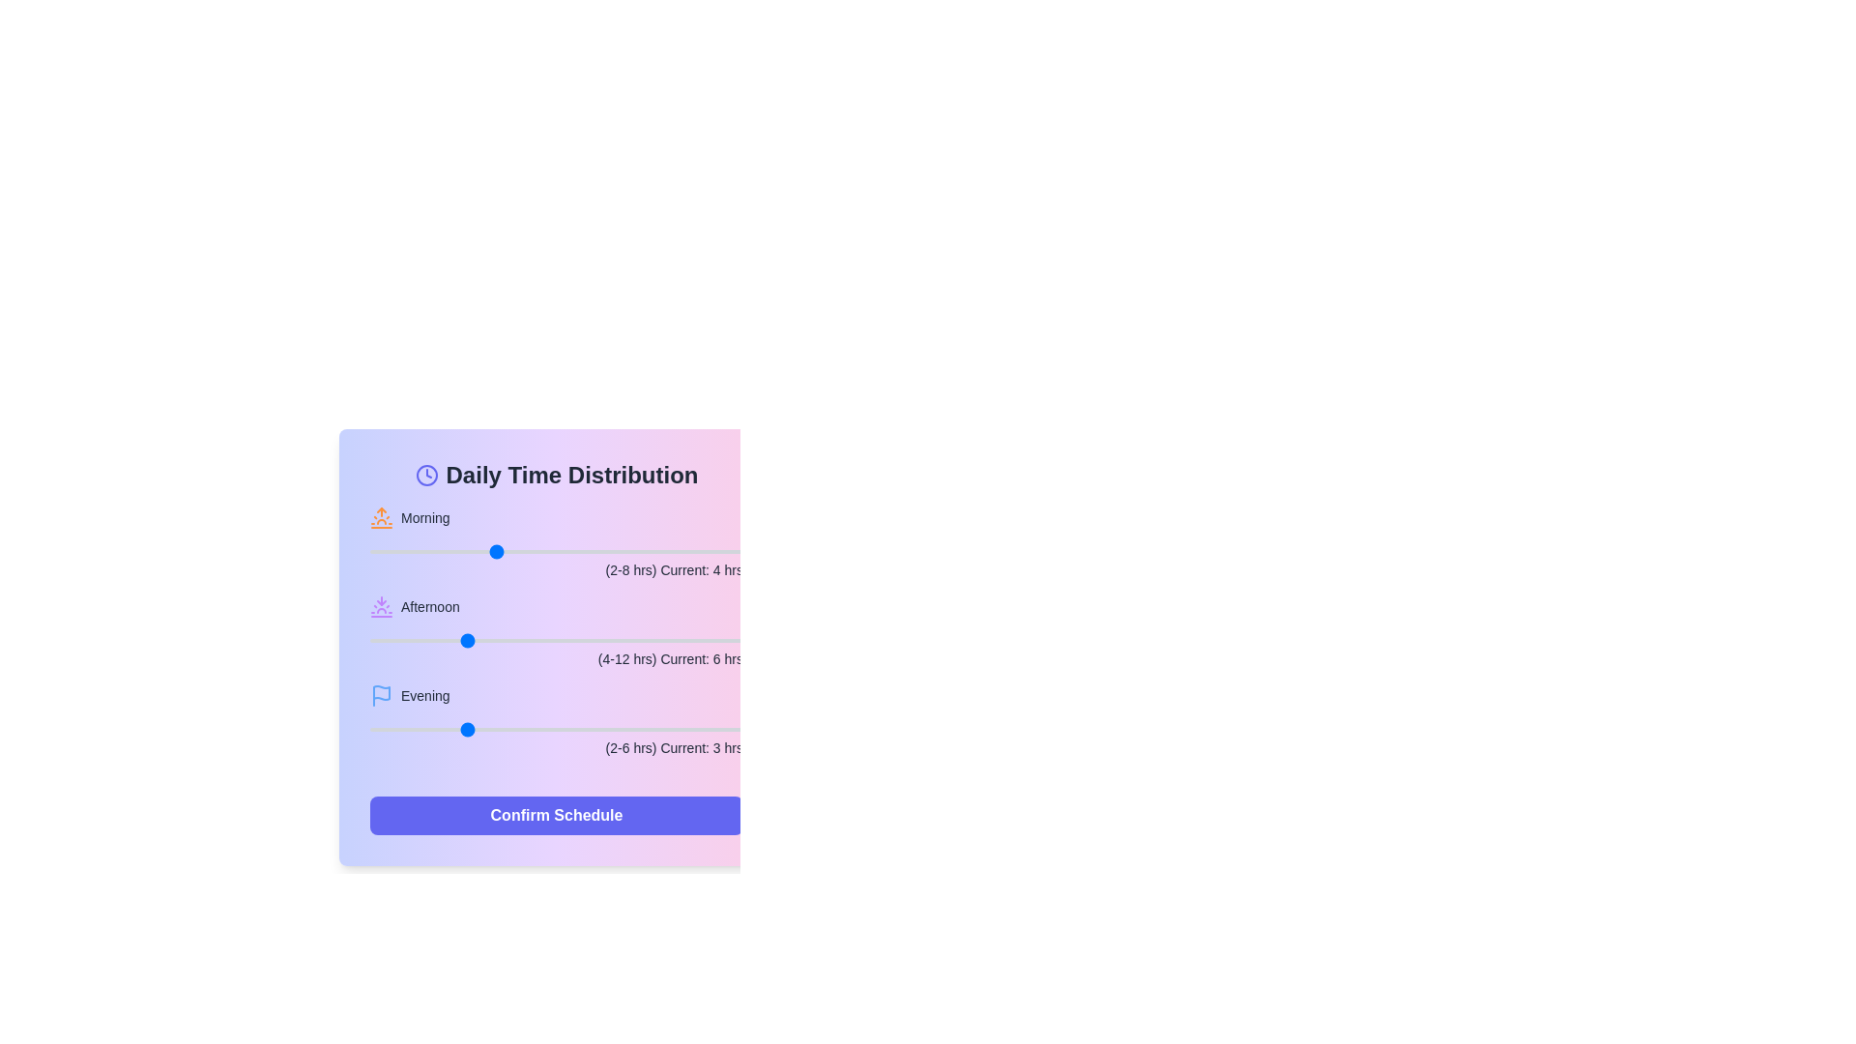 The image size is (1856, 1044). What do you see at coordinates (681, 551) in the screenshot?
I see `the slider for morning hours` at bounding box center [681, 551].